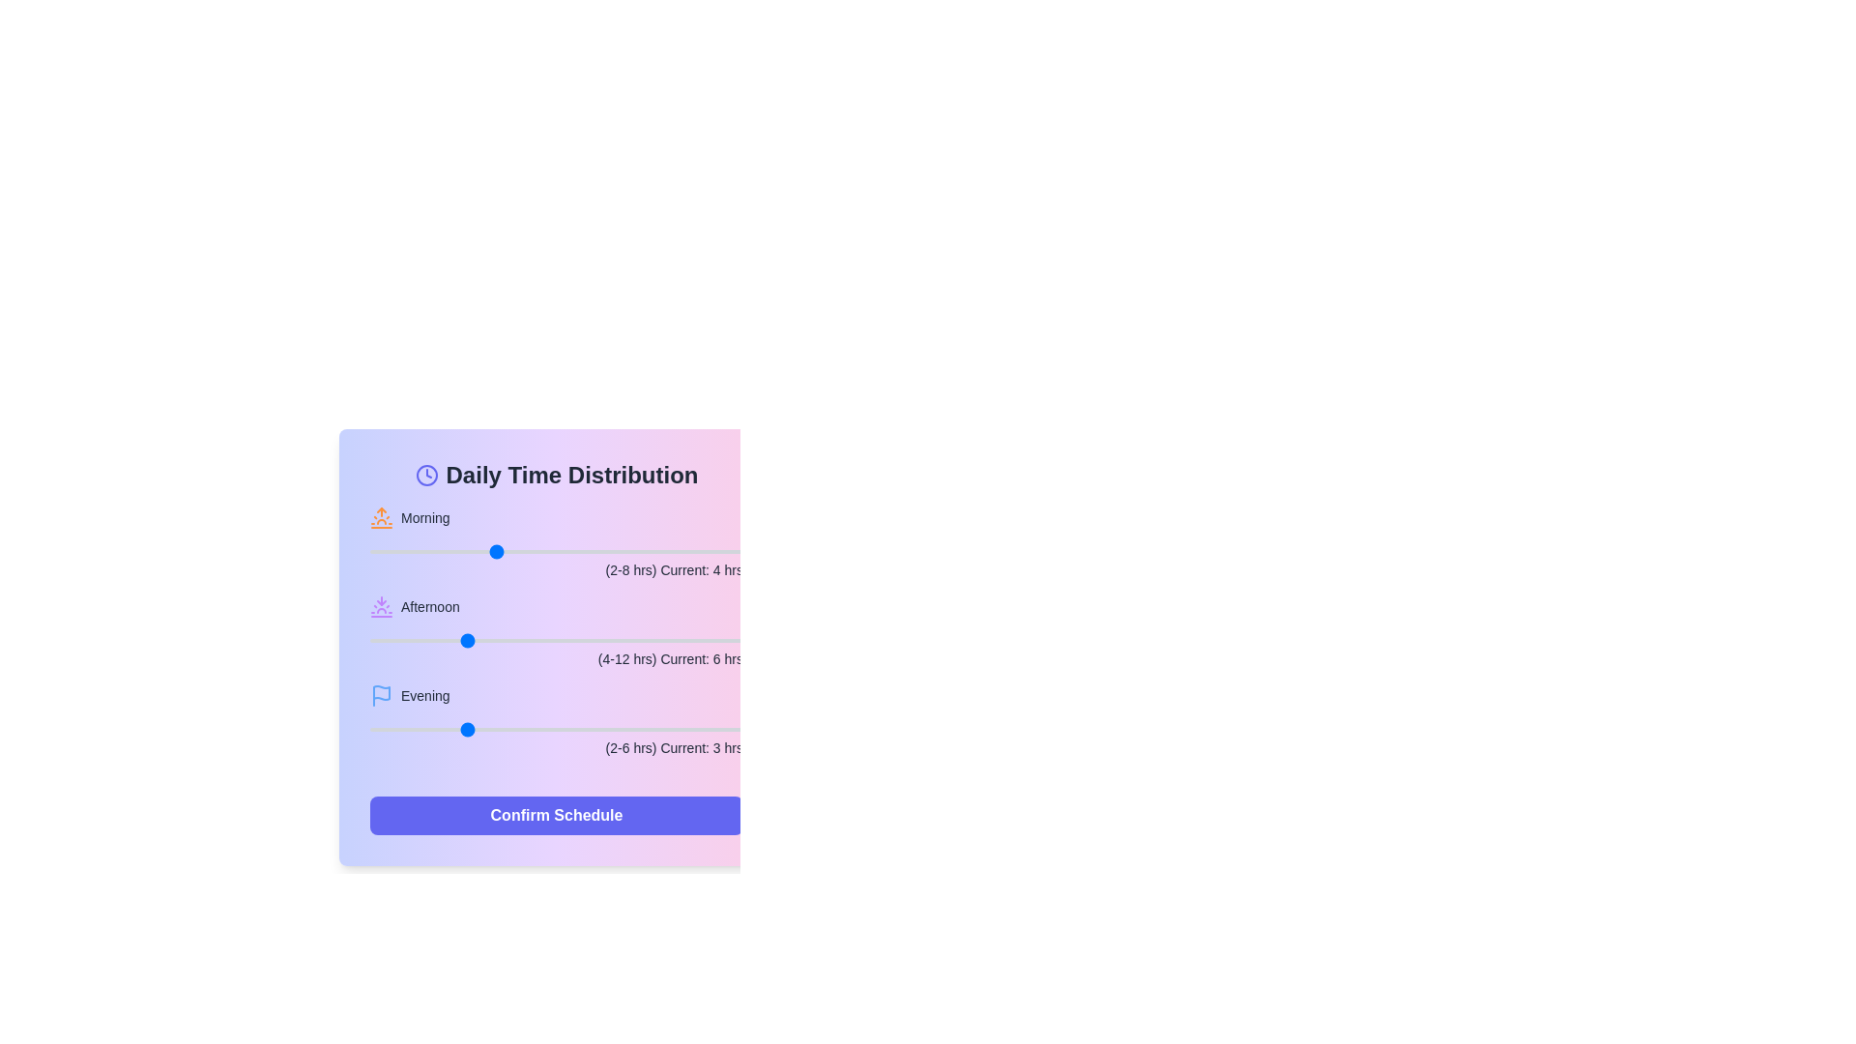 The image size is (1856, 1044). What do you see at coordinates (681, 551) in the screenshot?
I see `the slider for morning hours` at bounding box center [681, 551].